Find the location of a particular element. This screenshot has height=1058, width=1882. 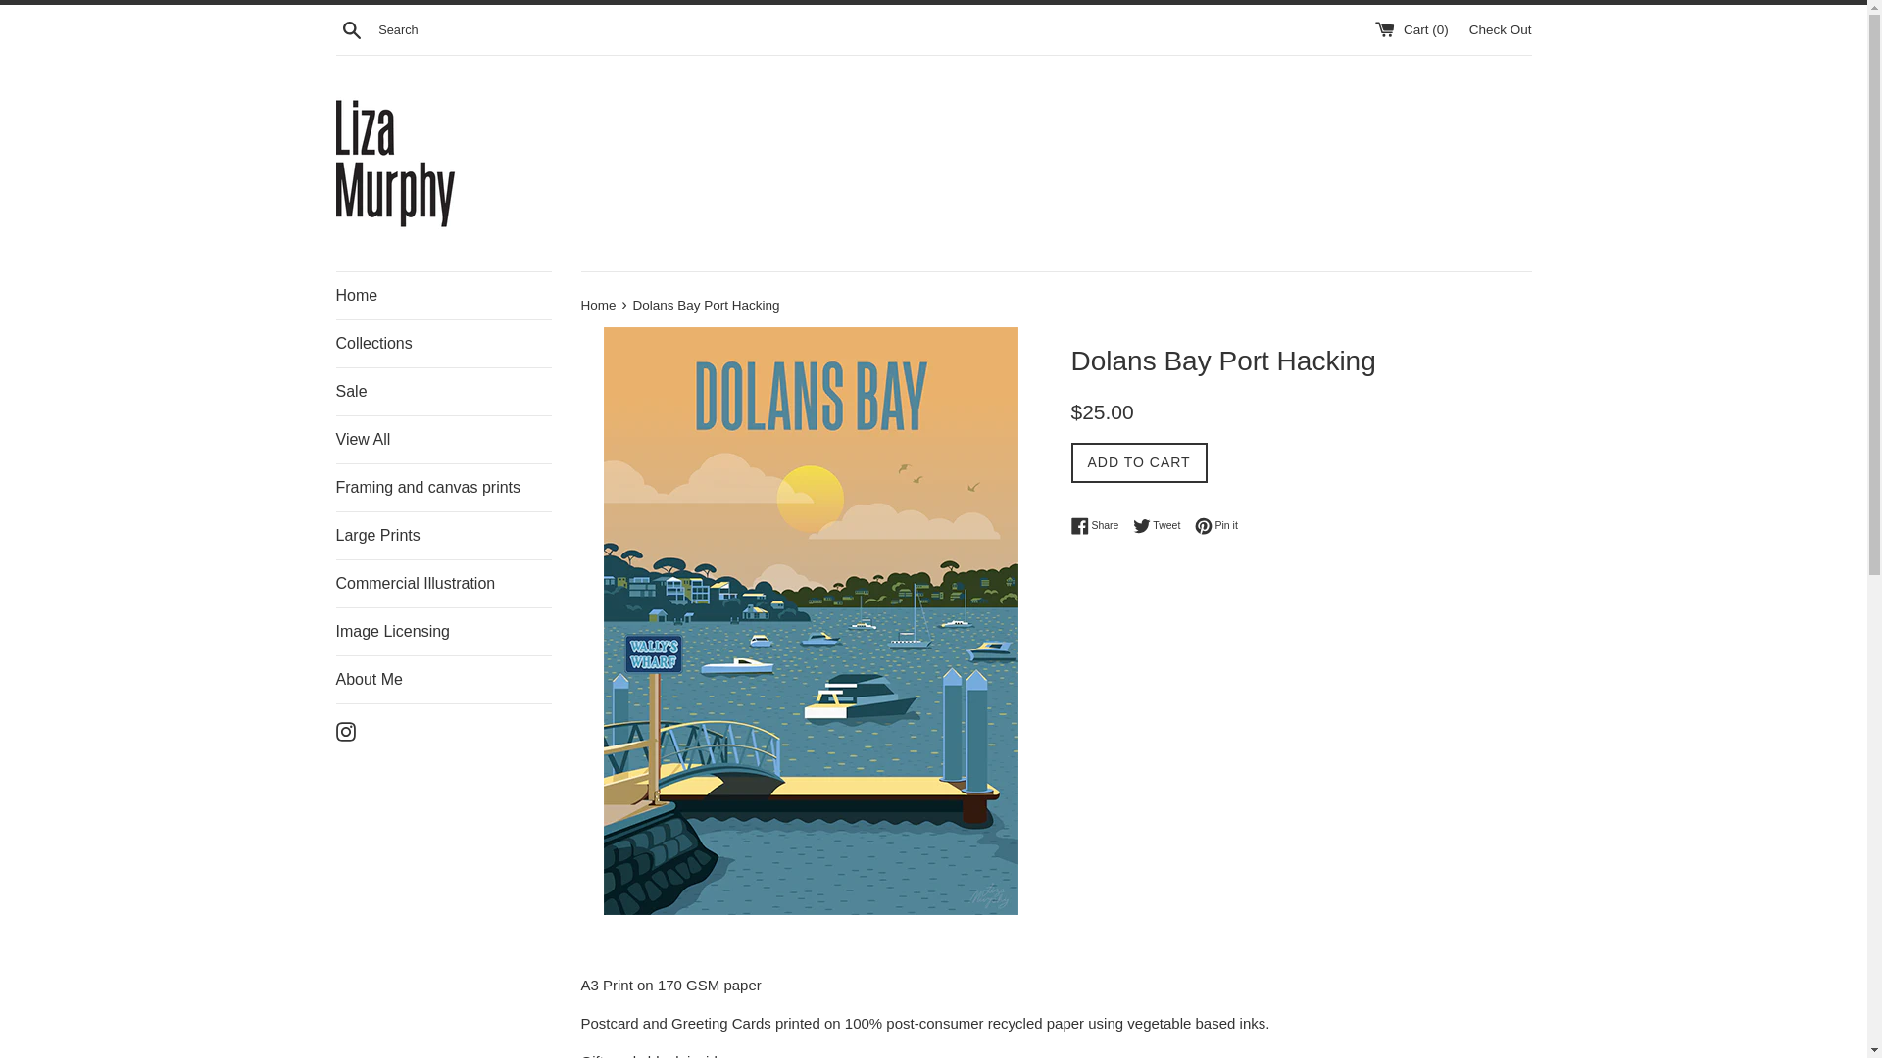

'Framing and canvas prints' is located at coordinates (441, 486).